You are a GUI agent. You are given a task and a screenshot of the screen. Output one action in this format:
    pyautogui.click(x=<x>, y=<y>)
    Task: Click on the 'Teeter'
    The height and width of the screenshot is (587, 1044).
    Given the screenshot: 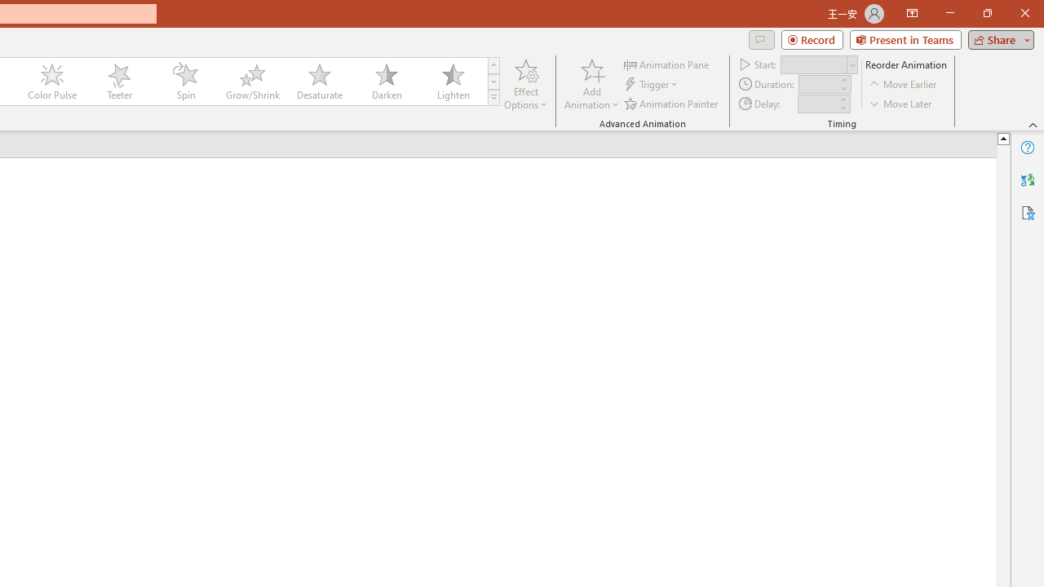 What is the action you would take?
    pyautogui.click(x=117, y=82)
    